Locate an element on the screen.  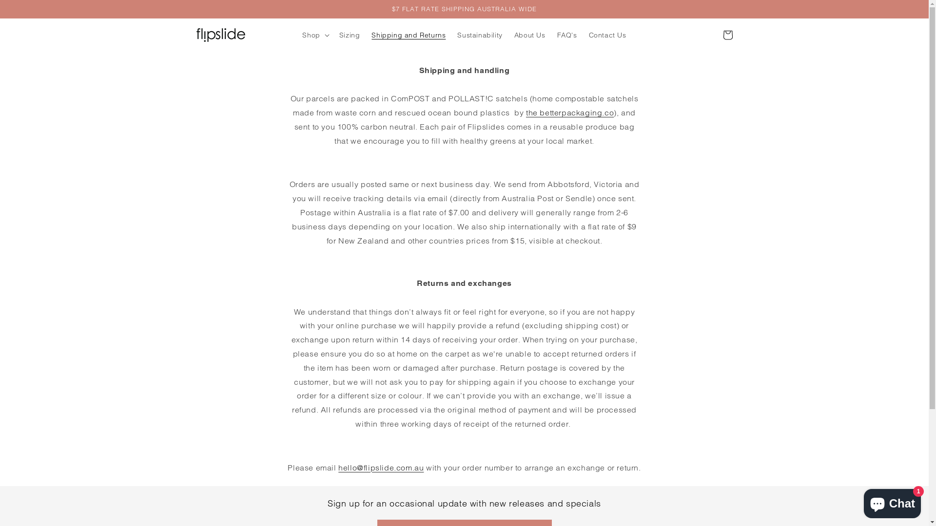
'Sustainability' is located at coordinates (451, 35).